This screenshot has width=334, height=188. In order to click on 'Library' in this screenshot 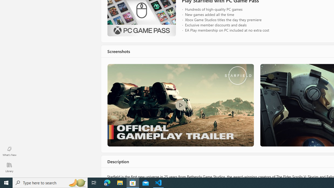, I will do `click(9, 167)`.